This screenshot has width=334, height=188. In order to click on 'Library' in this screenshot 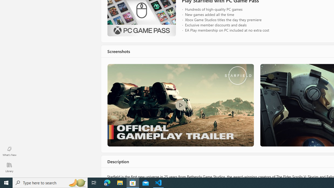, I will do `click(9, 167)`.